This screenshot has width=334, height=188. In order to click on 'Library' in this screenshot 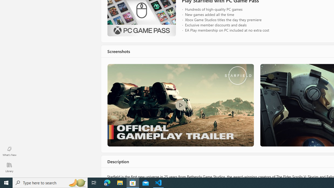, I will do `click(9, 167)`.